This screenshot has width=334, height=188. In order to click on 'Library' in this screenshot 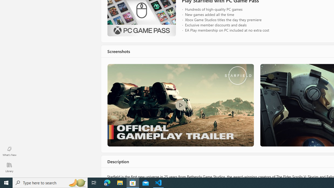, I will do `click(9, 167)`.